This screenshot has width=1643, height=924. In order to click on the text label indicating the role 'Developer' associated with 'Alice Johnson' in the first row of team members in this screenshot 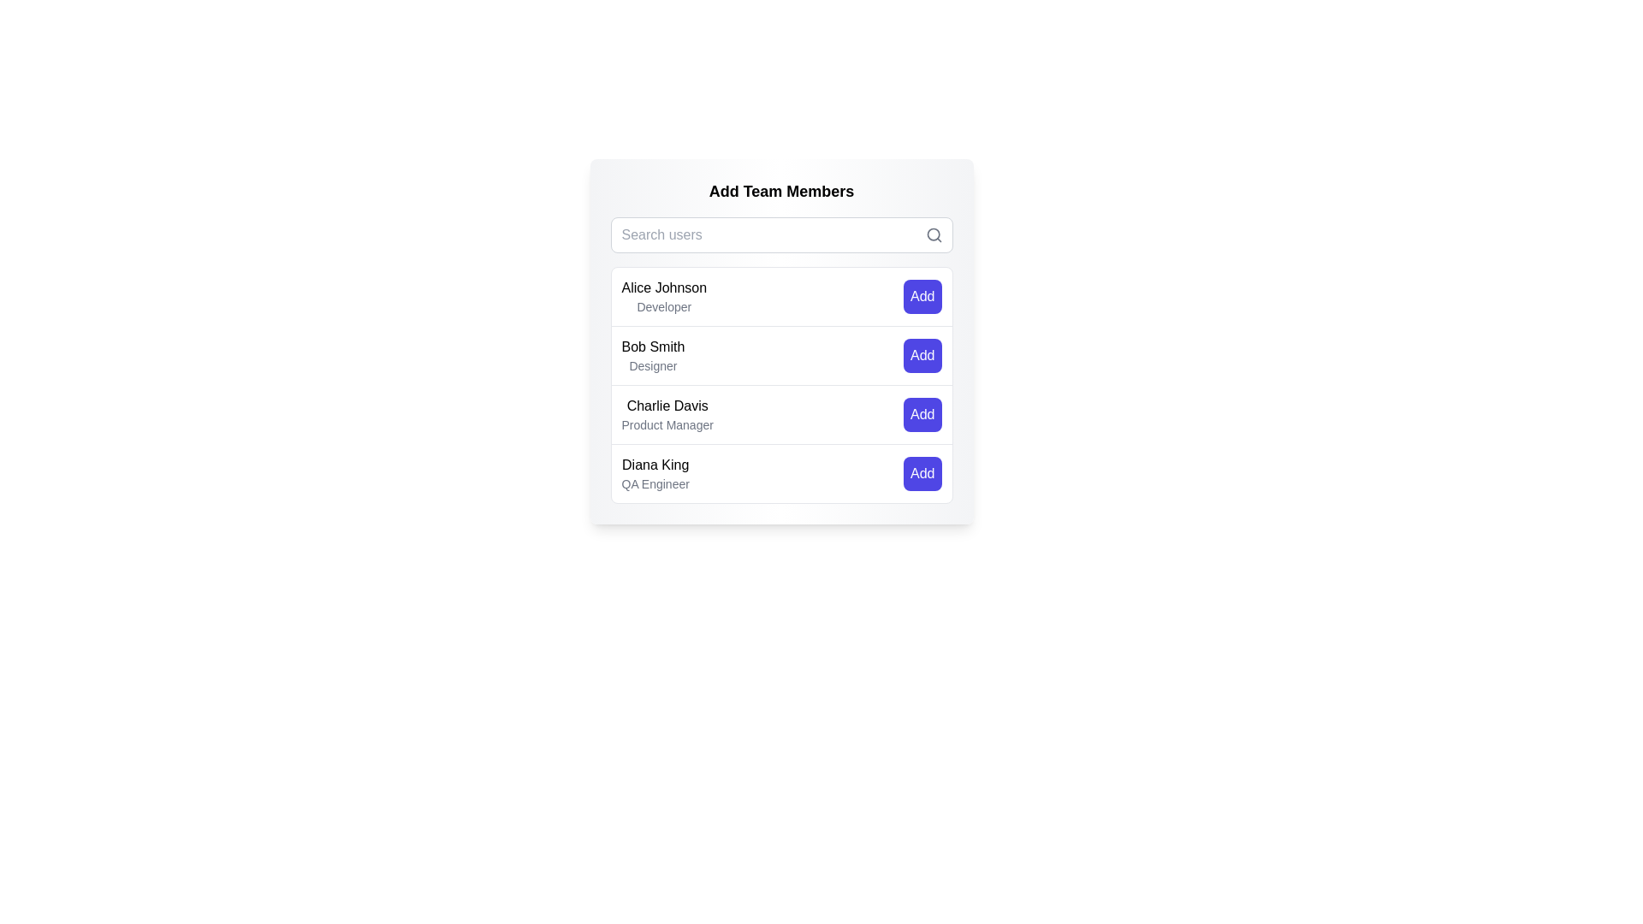, I will do `click(663, 305)`.